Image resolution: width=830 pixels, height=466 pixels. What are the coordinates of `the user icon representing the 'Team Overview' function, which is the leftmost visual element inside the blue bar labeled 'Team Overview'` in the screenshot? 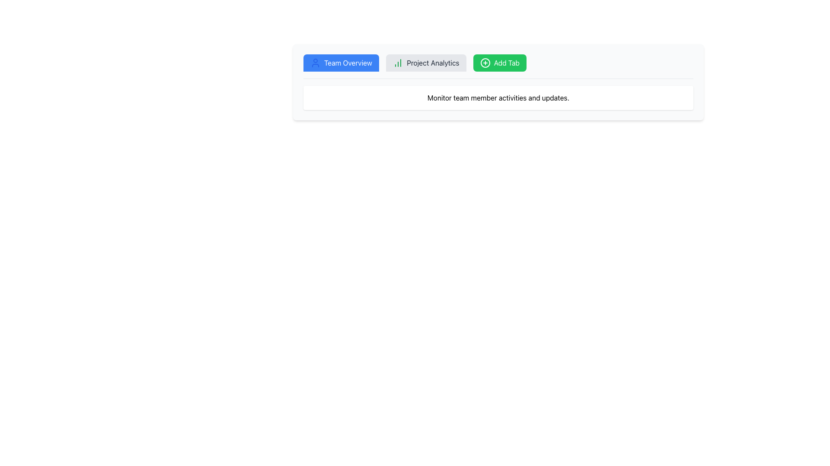 It's located at (315, 63).